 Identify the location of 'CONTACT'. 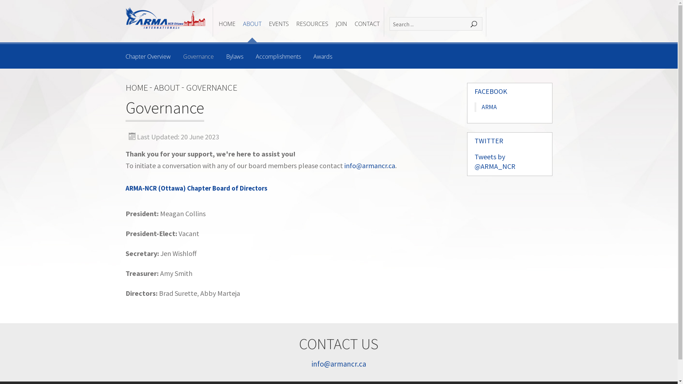
(367, 23).